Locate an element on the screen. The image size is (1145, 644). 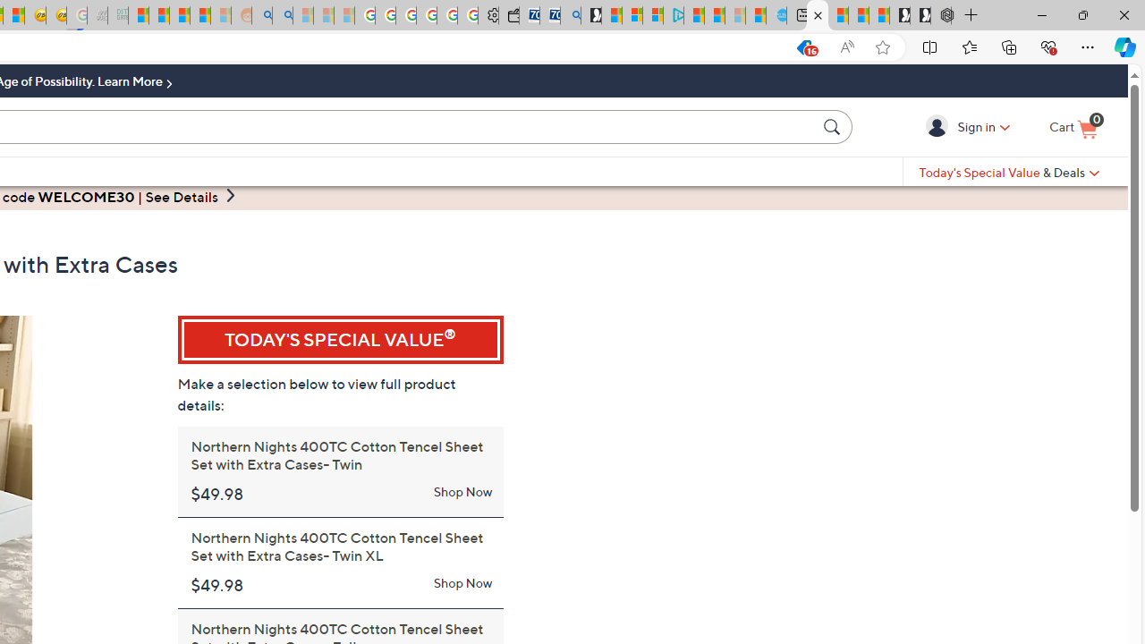
'Cheap Car Rentals - Save70.com' is located at coordinates (549, 15).